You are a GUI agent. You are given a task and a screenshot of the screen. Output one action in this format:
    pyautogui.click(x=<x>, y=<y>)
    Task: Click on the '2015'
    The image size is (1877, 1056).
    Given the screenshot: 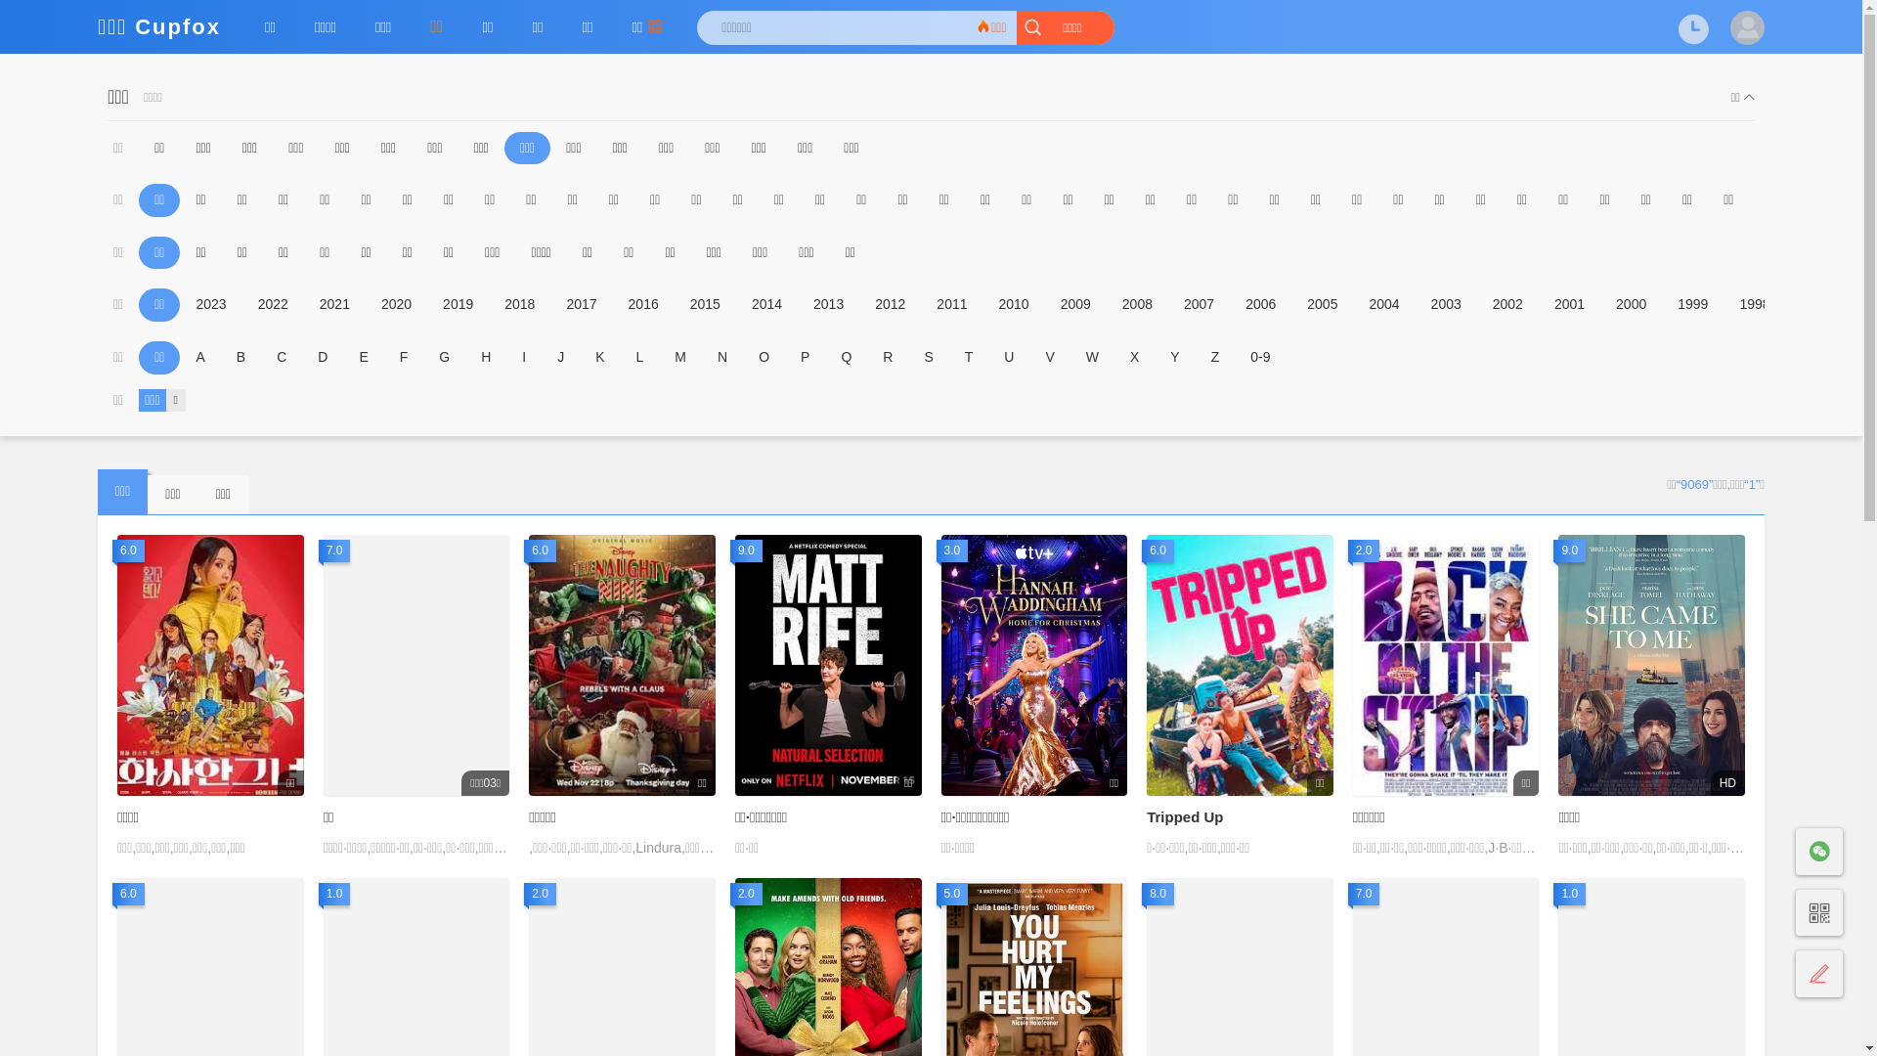 What is the action you would take?
    pyautogui.click(x=704, y=305)
    